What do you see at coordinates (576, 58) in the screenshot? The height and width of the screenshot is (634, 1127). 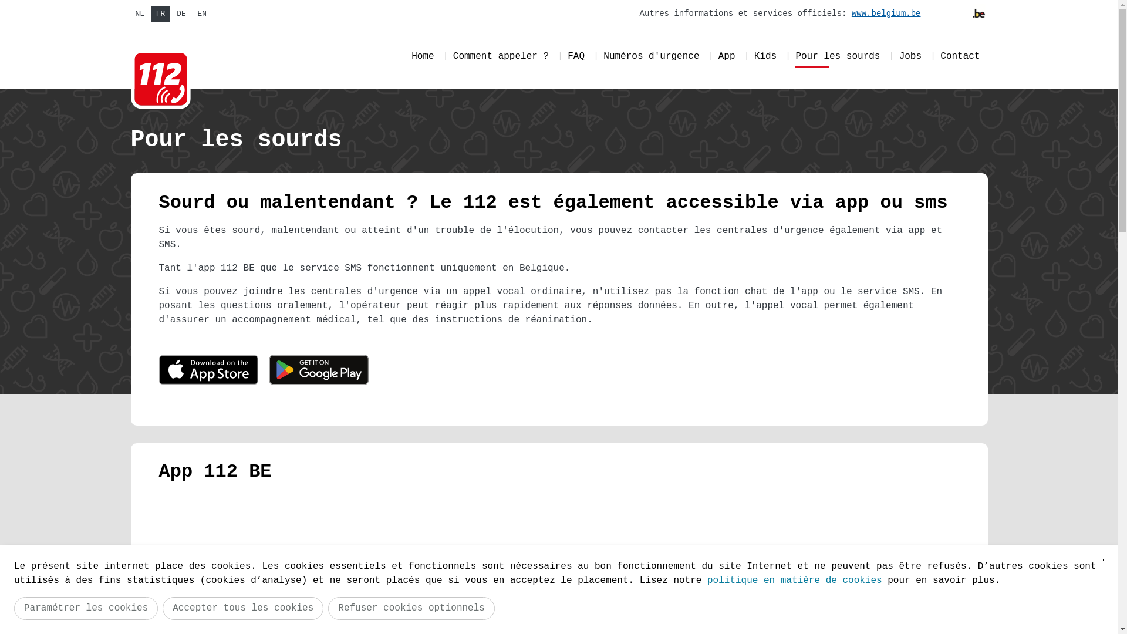 I see `'FAQ'` at bounding box center [576, 58].